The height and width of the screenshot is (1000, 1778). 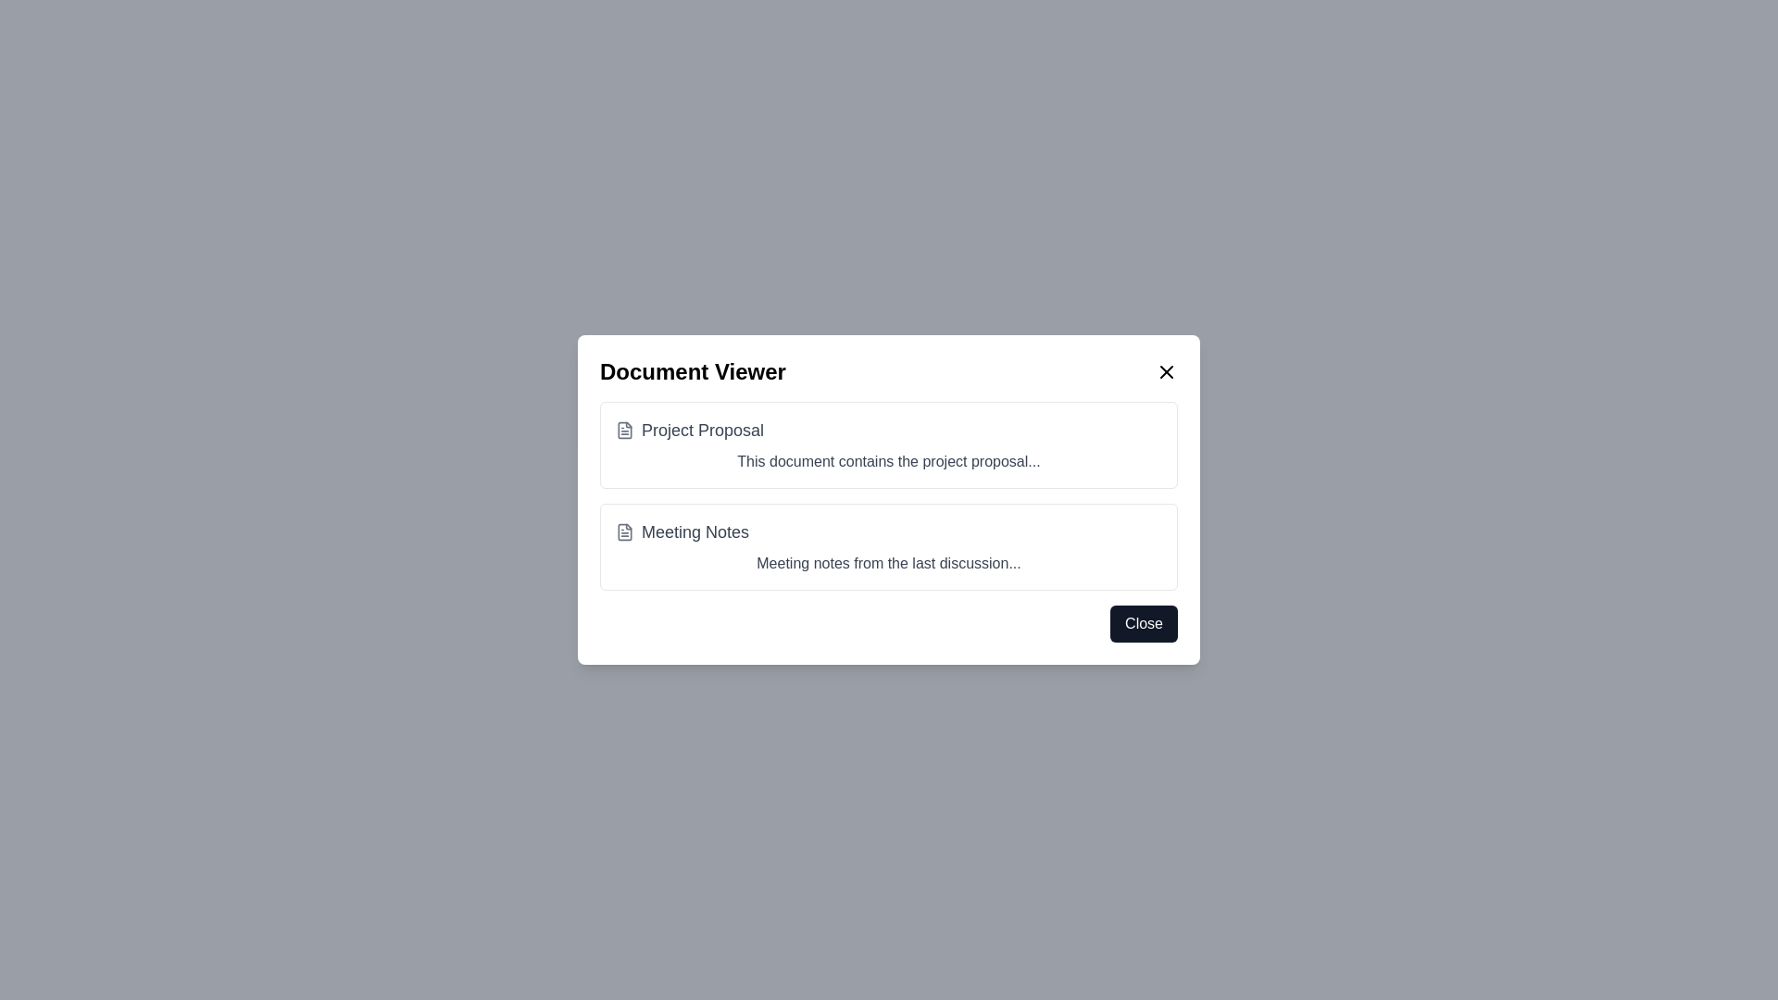 What do you see at coordinates (695, 531) in the screenshot?
I see `the 'Meeting Notes' text label in the 'Document Viewer' dialog, which is the second item in a vertical list, located below the 'Project Proposal' label` at bounding box center [695, 531].